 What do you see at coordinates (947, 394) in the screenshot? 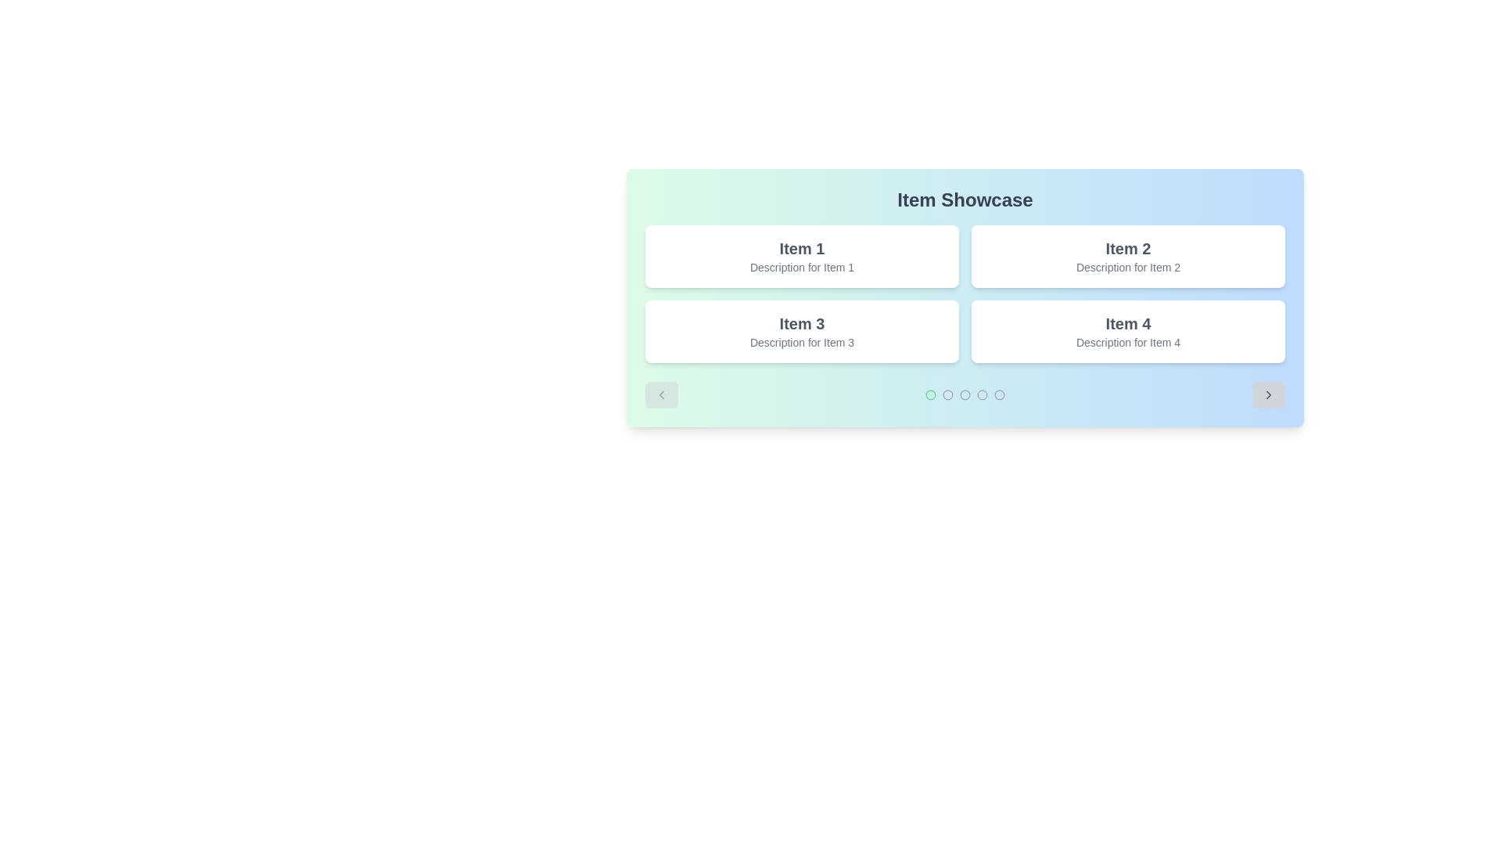
I see `the second circular navigation indicator with a light gray outline and transparent center` at bounding box center [947, 394].